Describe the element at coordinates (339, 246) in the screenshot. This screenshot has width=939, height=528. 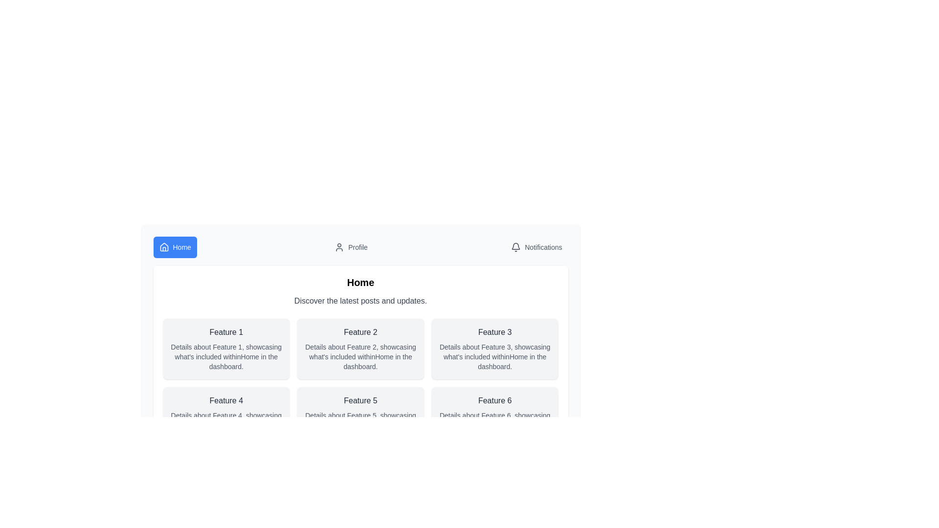
I see `the user profile icon located in the top navigation bar, immediately next to the 'Profile' text label, to interact with the associated 'Profile' button` at that location.